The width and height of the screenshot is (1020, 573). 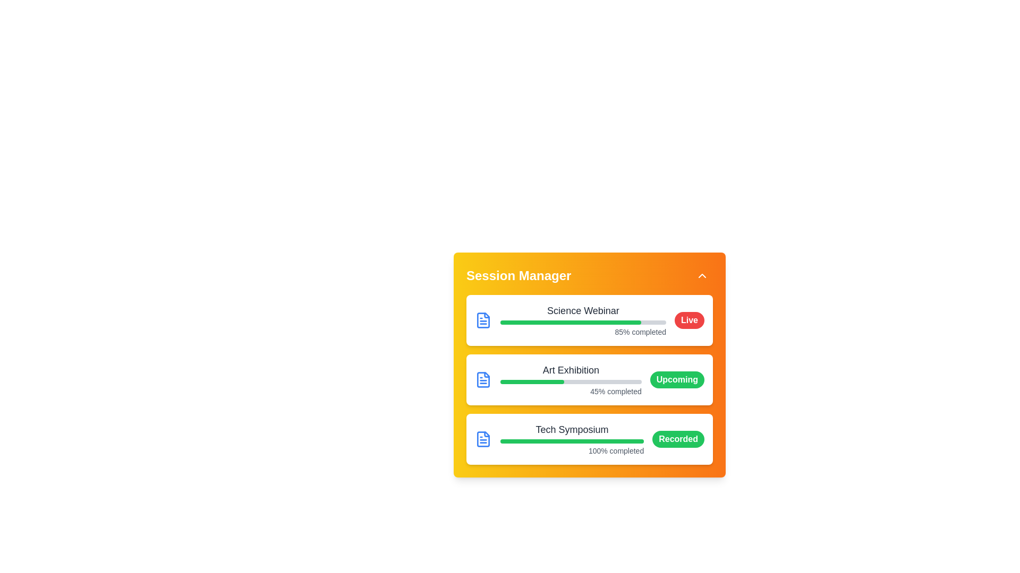 I want to click on the Progress Bar indicating 45% completion for the 'Art Exhibition' event, which is located beneath the title 'Art Exhibition' and above the text '45% completed', so click(x=570, y=382).